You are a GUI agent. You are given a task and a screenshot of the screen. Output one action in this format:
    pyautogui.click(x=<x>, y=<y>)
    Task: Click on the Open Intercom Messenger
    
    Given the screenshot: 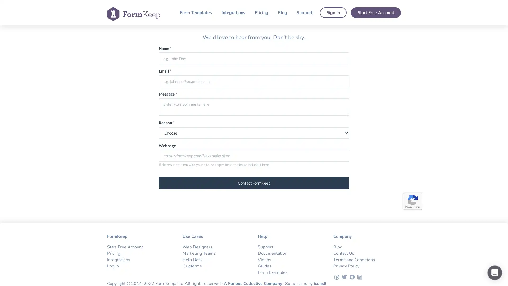 What is the action you would take?
    pyautogui.click(x=495, y=272)
    